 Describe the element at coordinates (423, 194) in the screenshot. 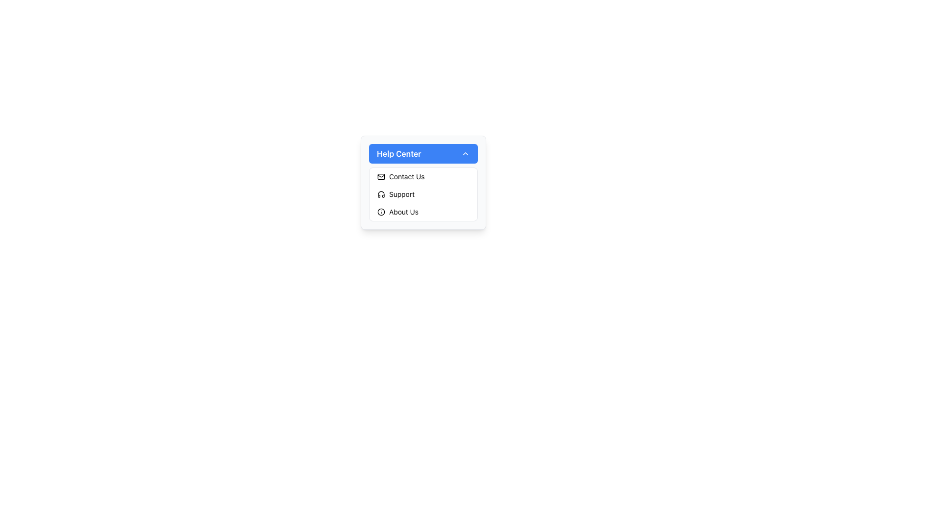

I see `the 'Support' option in the List Component, which is styled with a white background and contains three vertically arranged options` at that location.